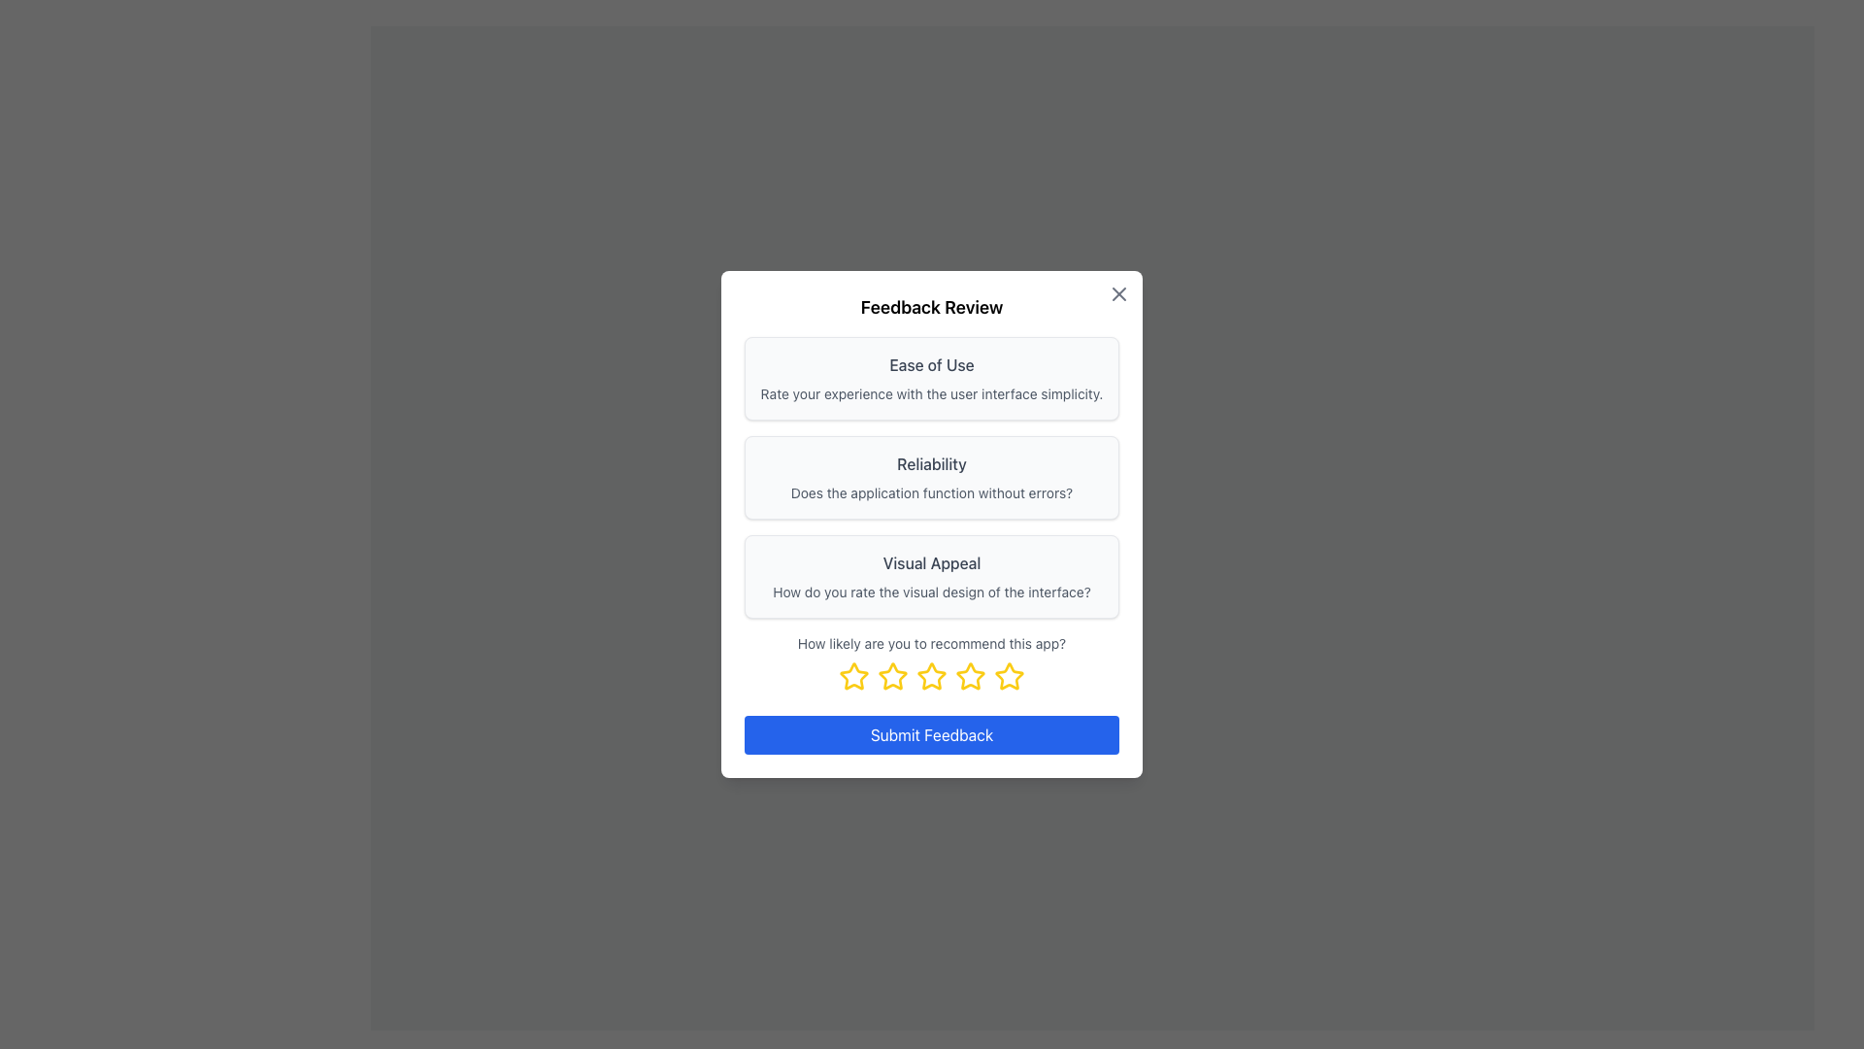 The width and height of the screenshot is (1864, 1049). I want to click on the text component that reads 'Does the application function without errors?', which is styled in a small gray font and located below the heading 'Reliability', so click(932, 492).